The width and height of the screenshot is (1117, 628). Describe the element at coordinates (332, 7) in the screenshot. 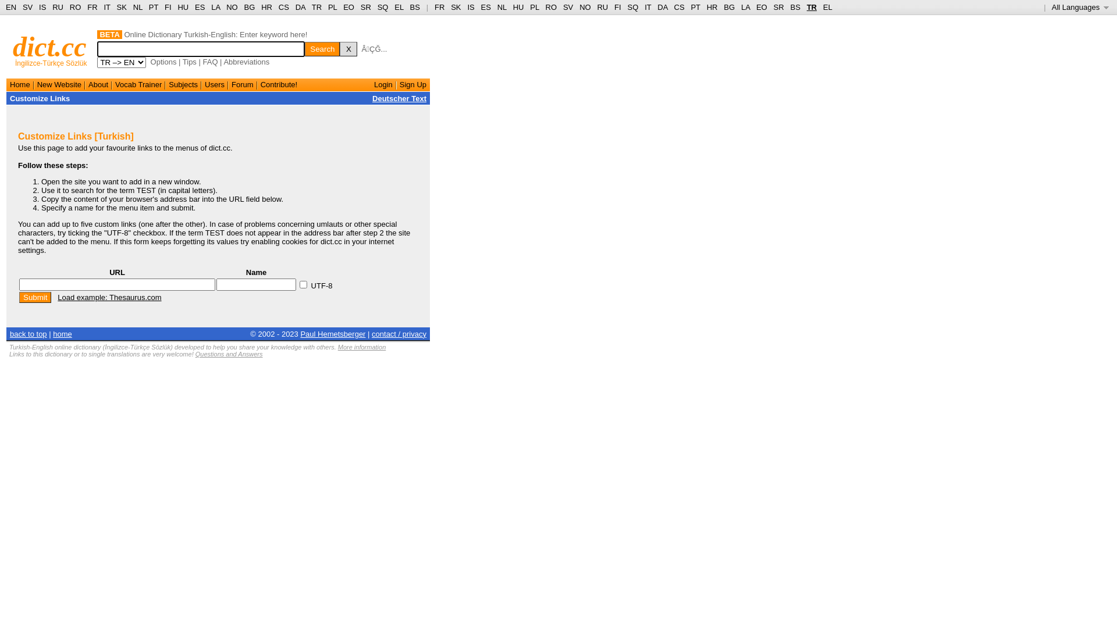

I see `'PL'` at that location.